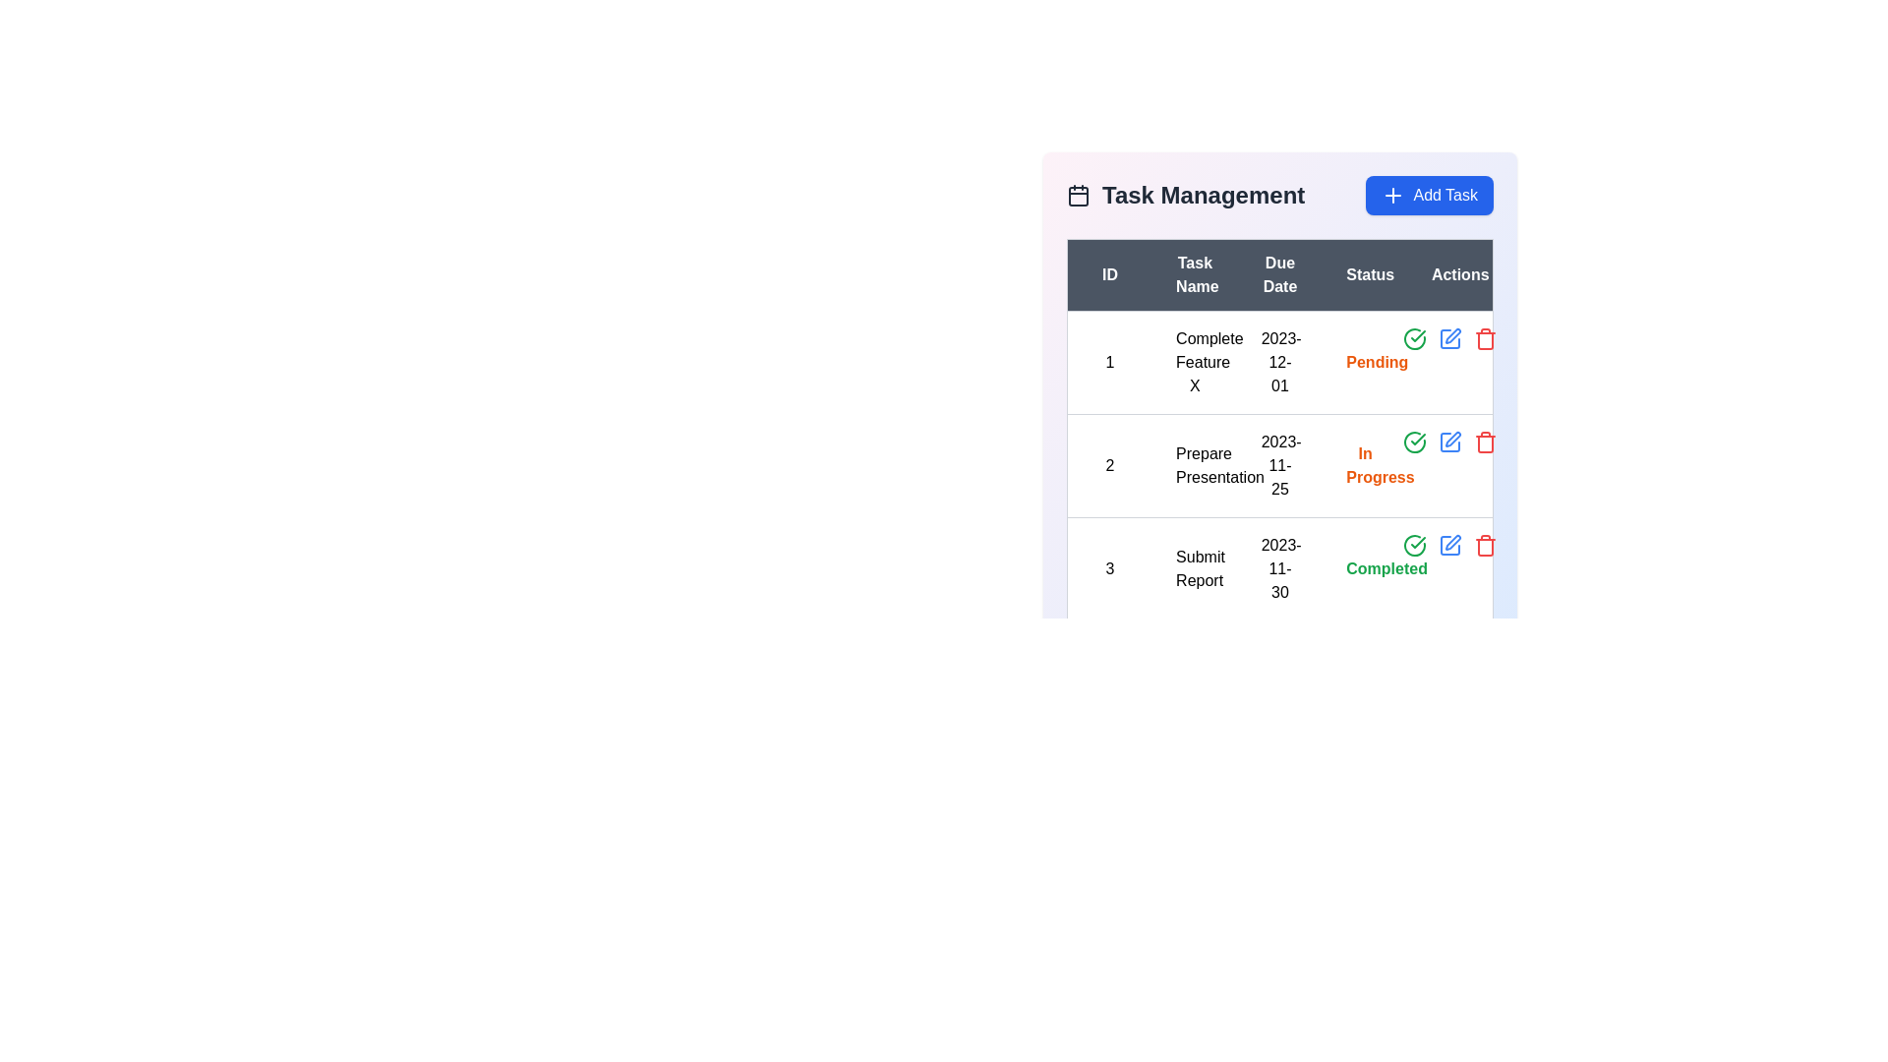 The width and height of the screenshot is (1888, 1062). I want to click on the Static text label displaying 'In Progress' in bold orange font, located in the 'Status' column for the 'Prepare Presentation' task dated '2023-11-25', so click(1364, 466).